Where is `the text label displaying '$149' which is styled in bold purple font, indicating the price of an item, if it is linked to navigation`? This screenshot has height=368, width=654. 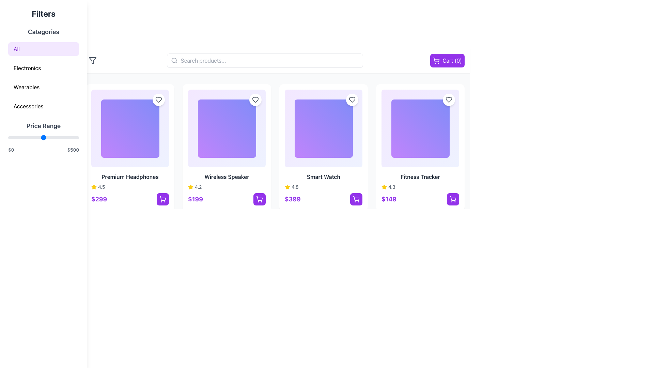 the text label displaying '$149' which is styled in bold purple font, indicating the price of an item, if it is linked to navigation is located at coordinates (389, 199).